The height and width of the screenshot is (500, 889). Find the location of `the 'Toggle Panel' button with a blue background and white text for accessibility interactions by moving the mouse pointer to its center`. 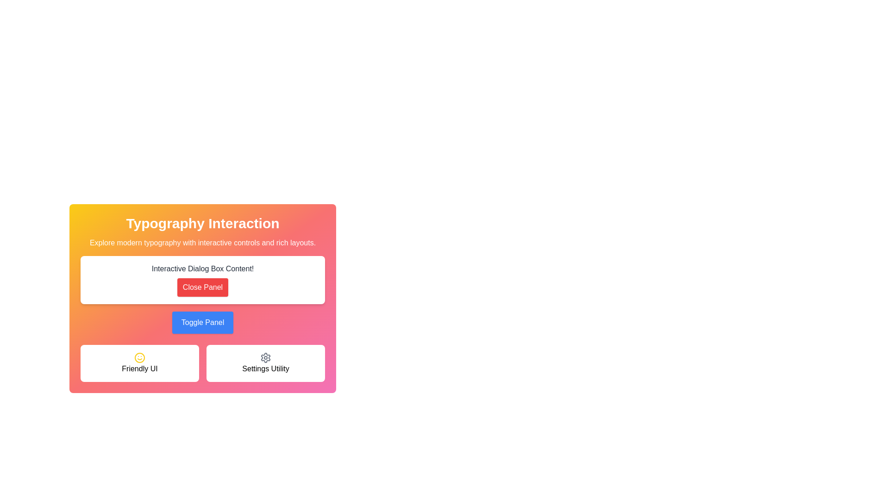

the 'Toggle Panel' button with a blue background and white text for accessibility interactions by moving the mouse pointer to its center is located at coordinates (202, 322).